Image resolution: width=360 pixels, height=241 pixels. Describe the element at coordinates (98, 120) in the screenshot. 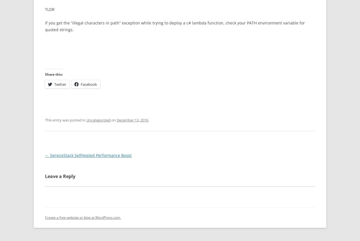

I see `'Uncategorized'` at that location.